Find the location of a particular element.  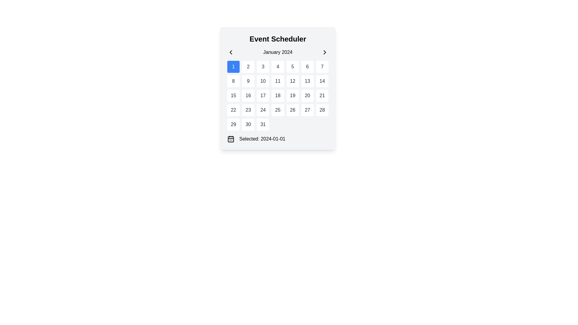

the small square button with a white background and rounded corners, containing the numeral '6' in dark gray font, for keyboard navigation is located at coordinates (307, 67).